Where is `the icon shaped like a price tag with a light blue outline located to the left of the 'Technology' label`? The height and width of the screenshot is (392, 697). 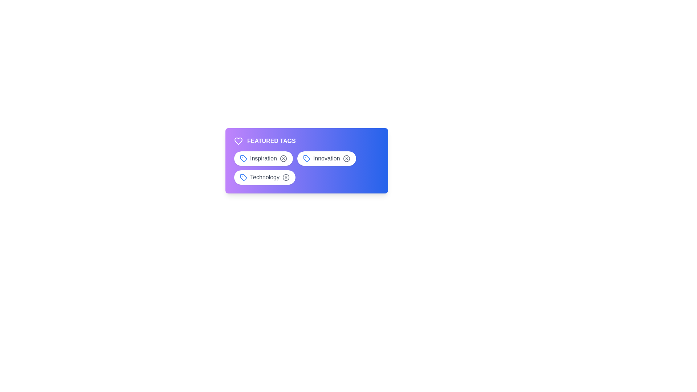 the icon shaped like a price tag with a light blue outline located to the left of the 'Technology' label is located at coordinates (244, 177).